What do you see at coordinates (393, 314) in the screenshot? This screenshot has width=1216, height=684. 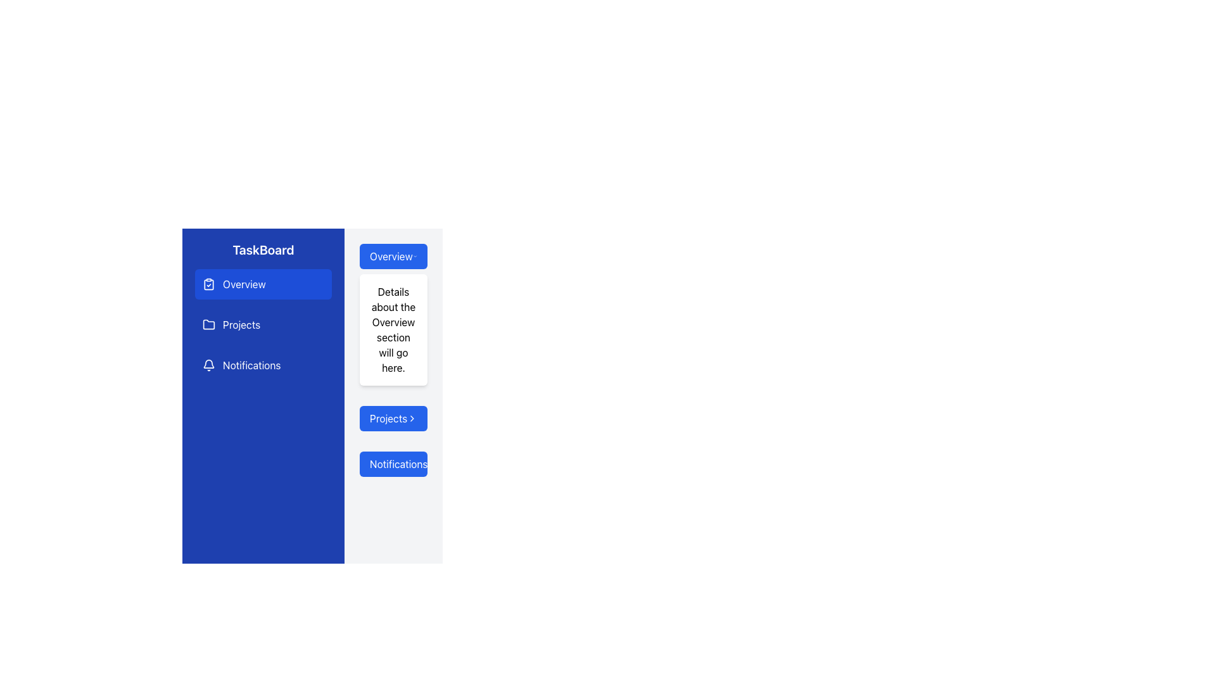 I see `descriptive text of the 'Overview' section header located to the right of the navigation sidebar labeled 'TaskBoard'` at bounding box center [393, 314].